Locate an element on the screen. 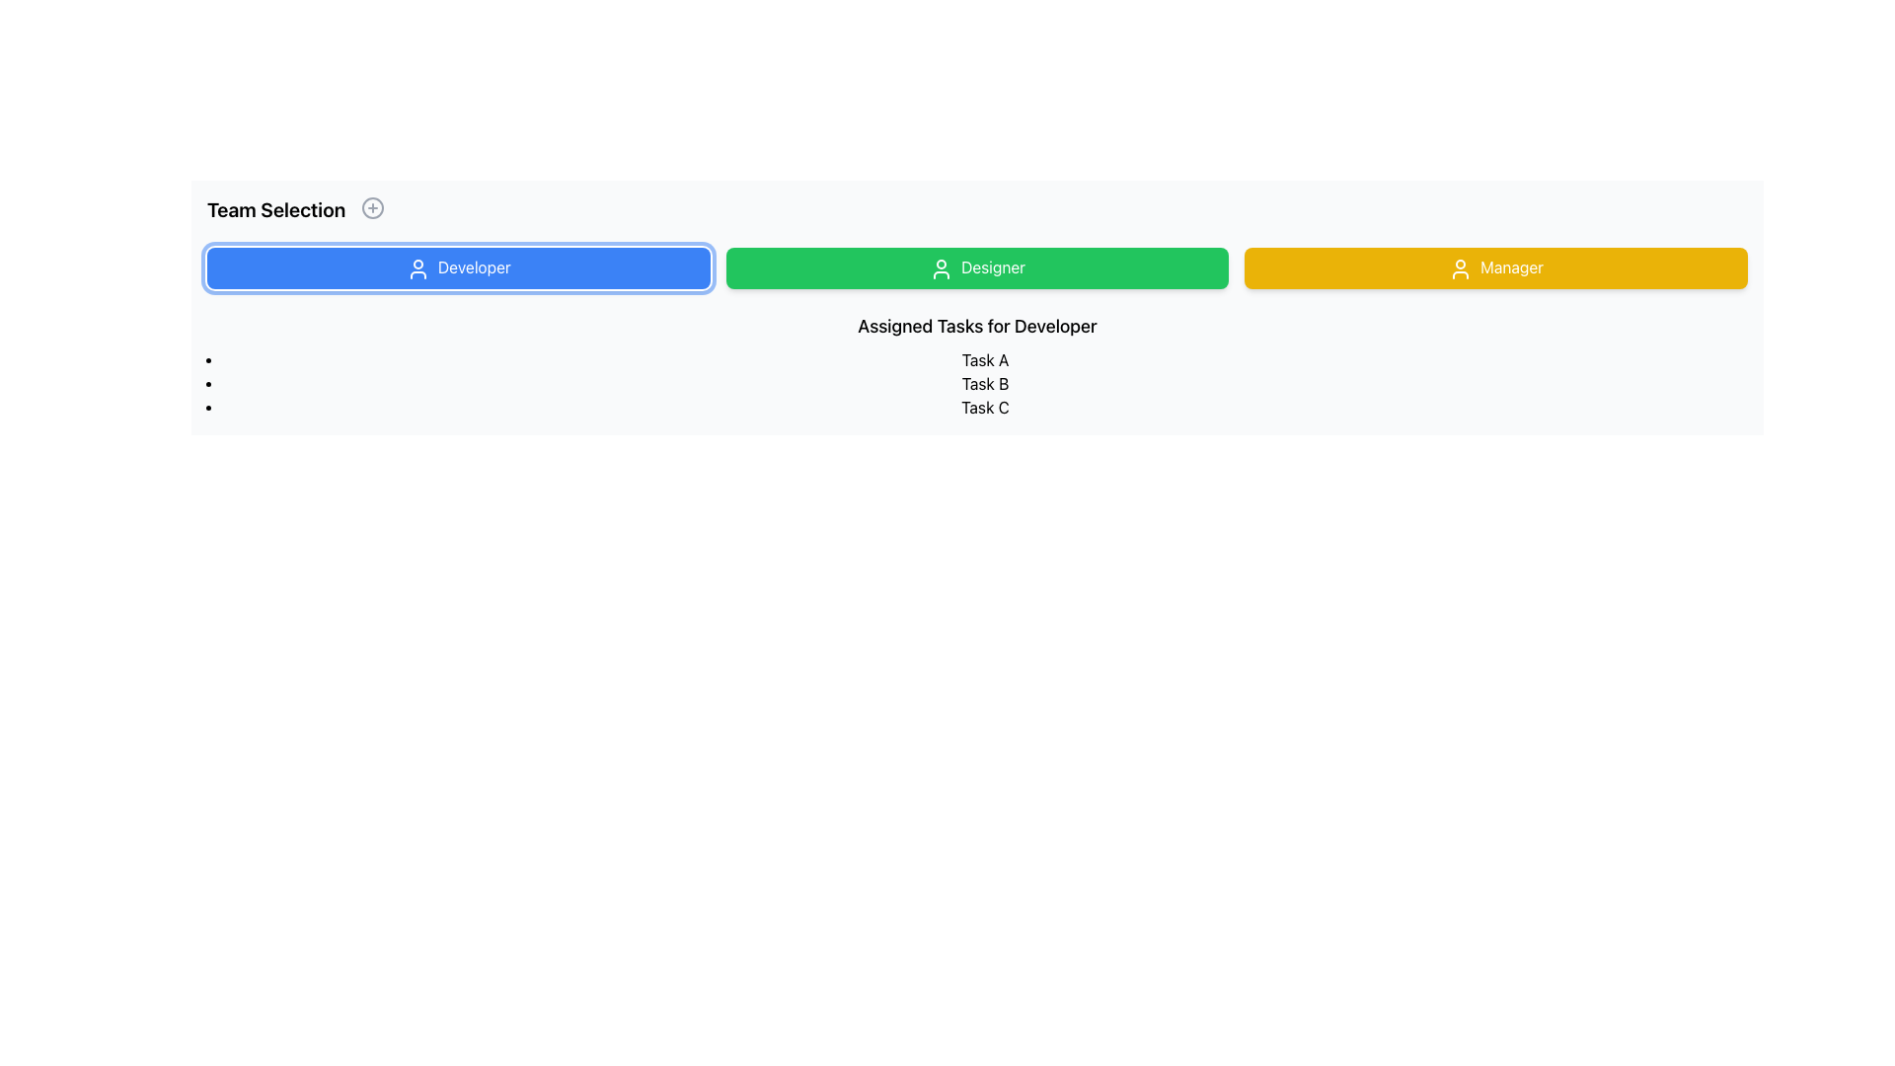 This screenshot has height=1066, width=1895. the 'Developer' role button located in the first position of the horizontal row under the 'Team Selection' heading is located at coordinates (457, 267).